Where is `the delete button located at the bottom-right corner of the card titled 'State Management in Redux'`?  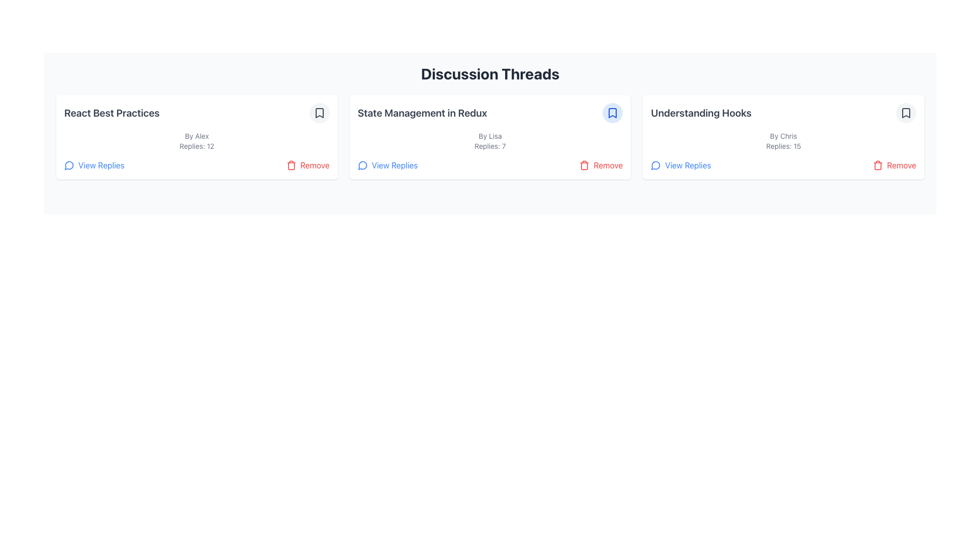
the delete button located at the bottom-right corner of the card titled 'State Management in Redux' is located at coordinates (601, 164).